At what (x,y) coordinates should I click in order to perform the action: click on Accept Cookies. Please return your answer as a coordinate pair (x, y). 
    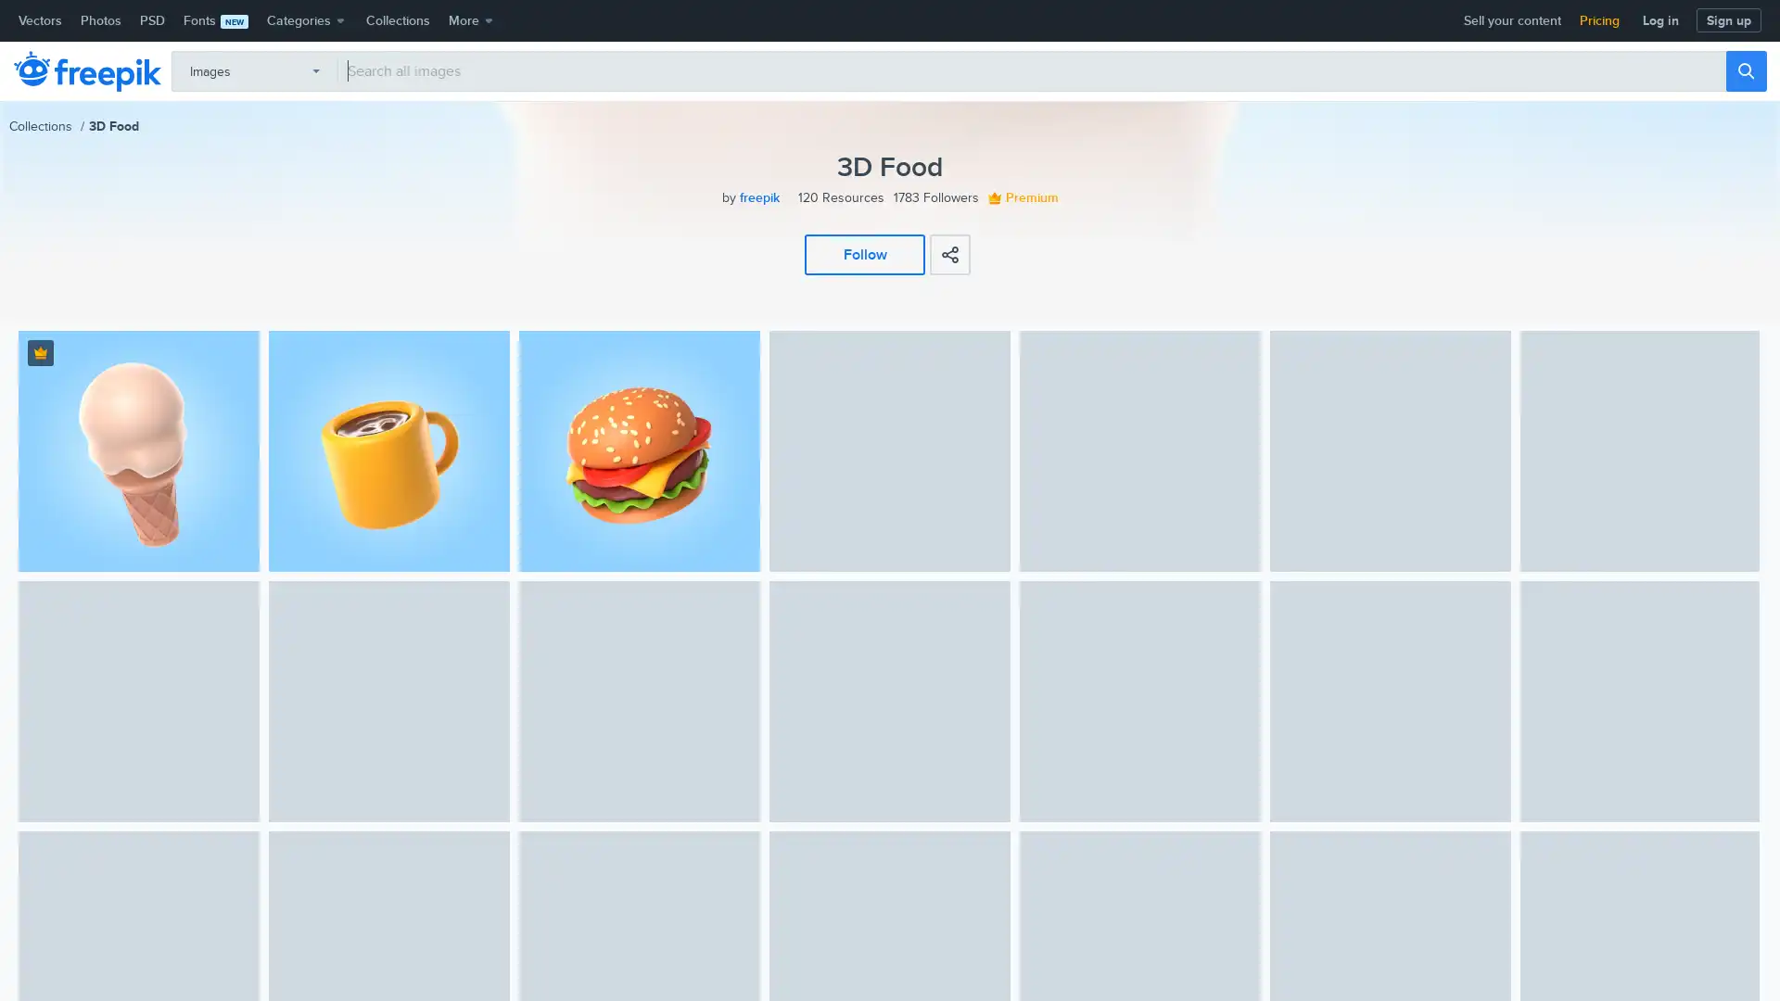
    Looking at the image, I should click on (1468, 960).